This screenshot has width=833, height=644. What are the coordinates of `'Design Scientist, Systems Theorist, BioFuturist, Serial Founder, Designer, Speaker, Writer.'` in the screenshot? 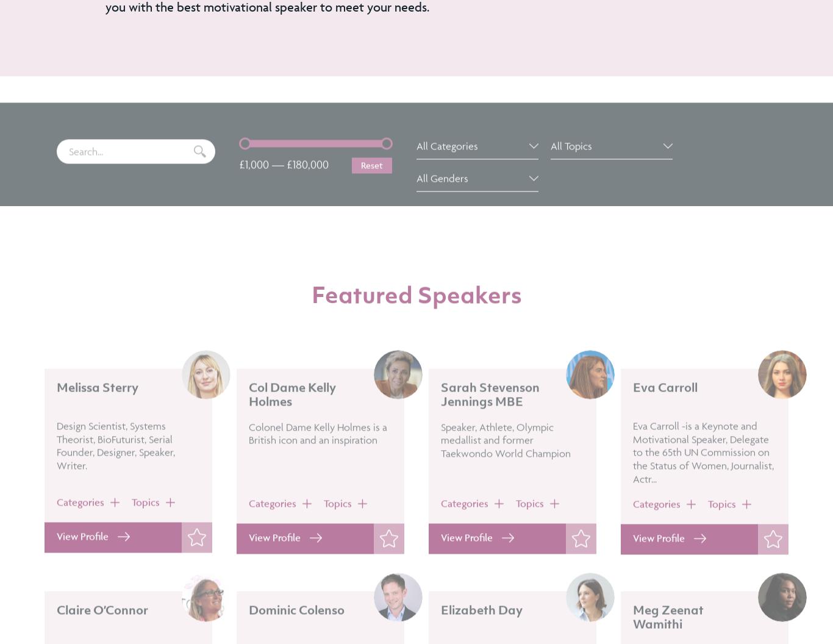 It's located at (57, 479).